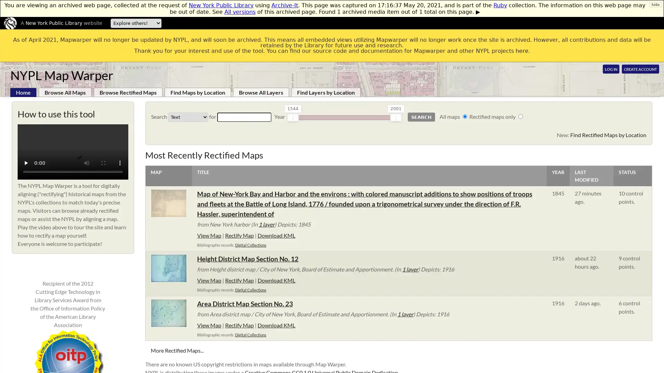  Describe the element at coordinates (26, 163) in the screenshot. I see `play` at that location.